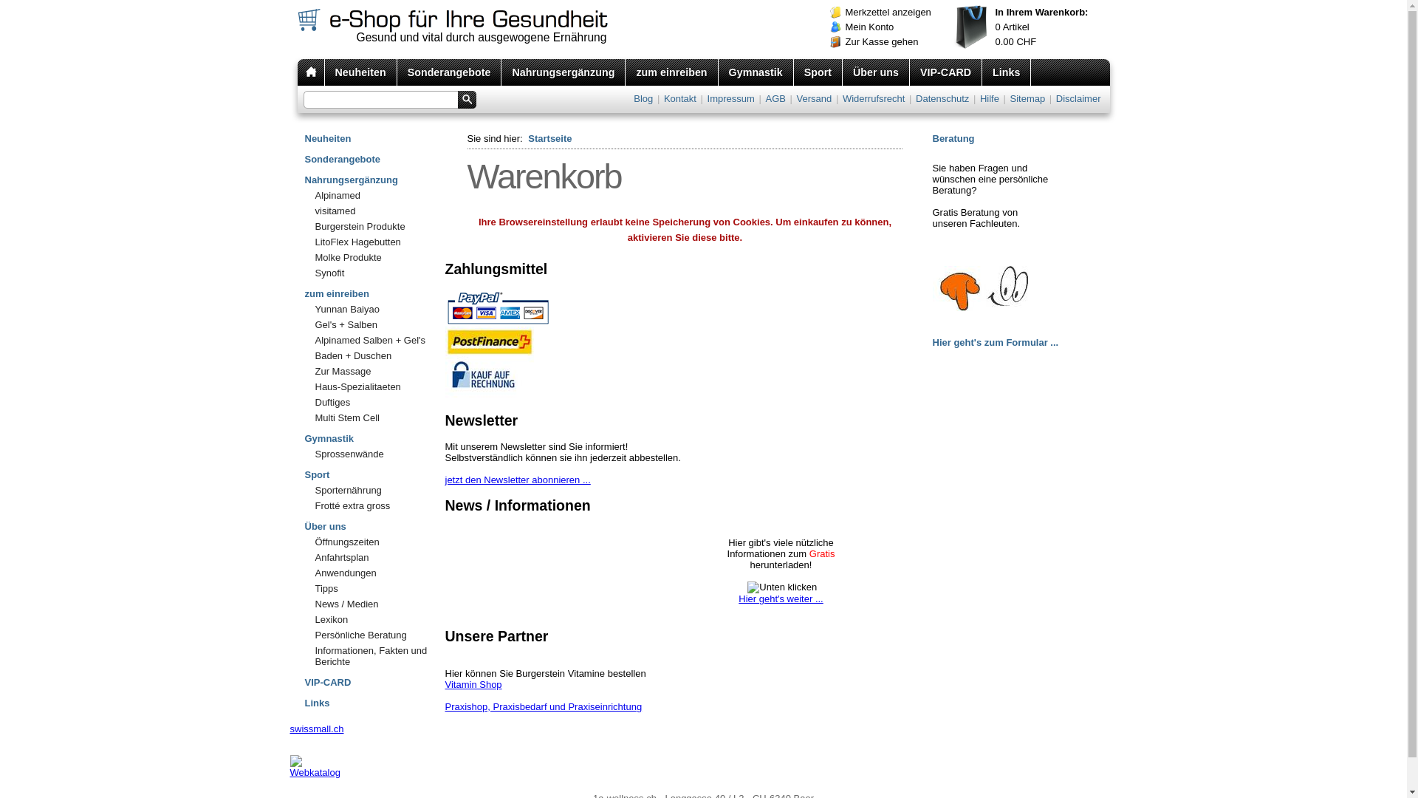 This screenshot has width=1418, height=798. I want to click on 'VIP-CARD', so click(374, 680).